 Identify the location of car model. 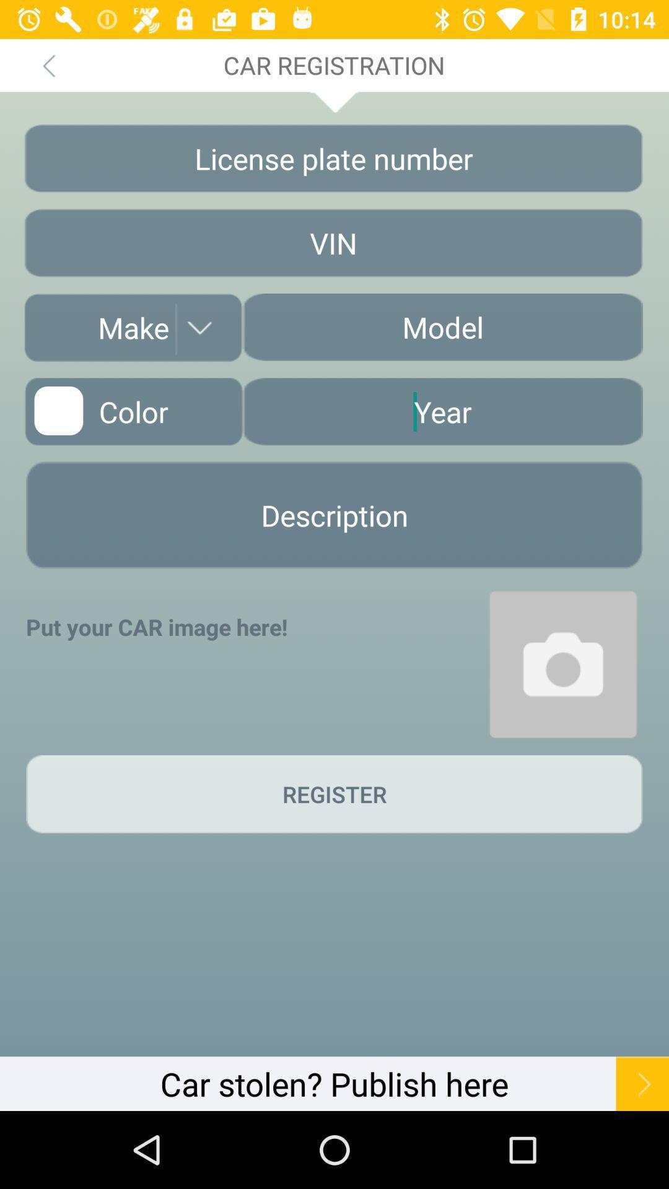
(442, 327).